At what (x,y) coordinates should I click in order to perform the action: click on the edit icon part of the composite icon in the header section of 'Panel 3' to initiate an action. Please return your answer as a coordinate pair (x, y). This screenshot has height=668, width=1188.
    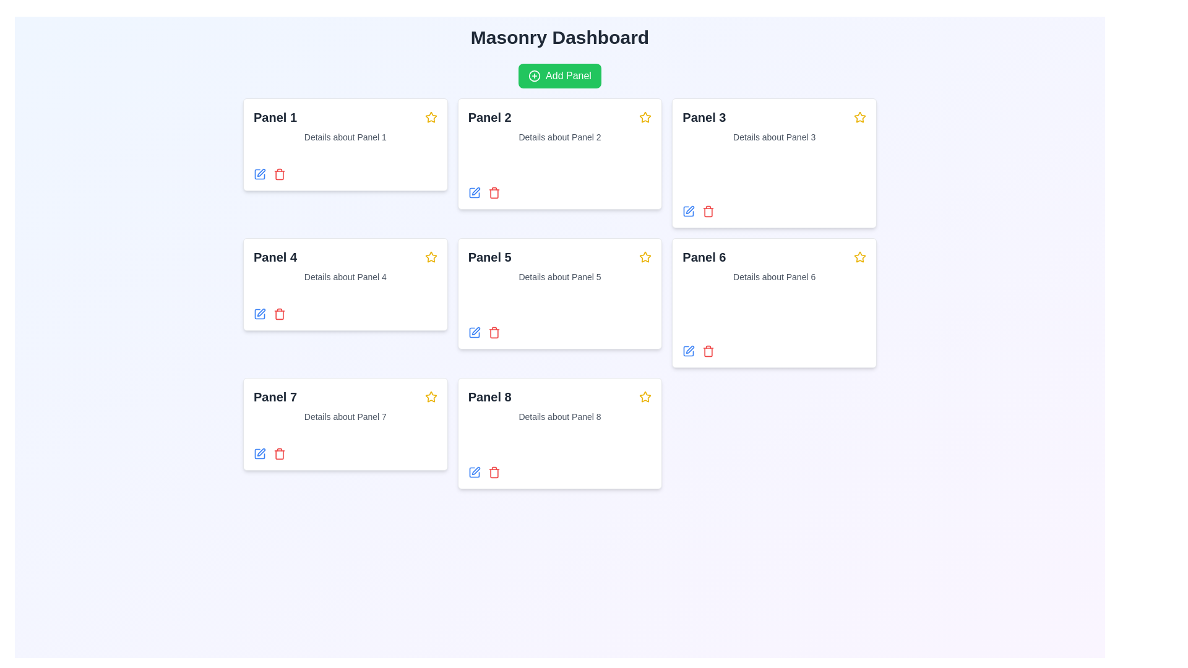
    Looking at the image, I should click on (688, 211).